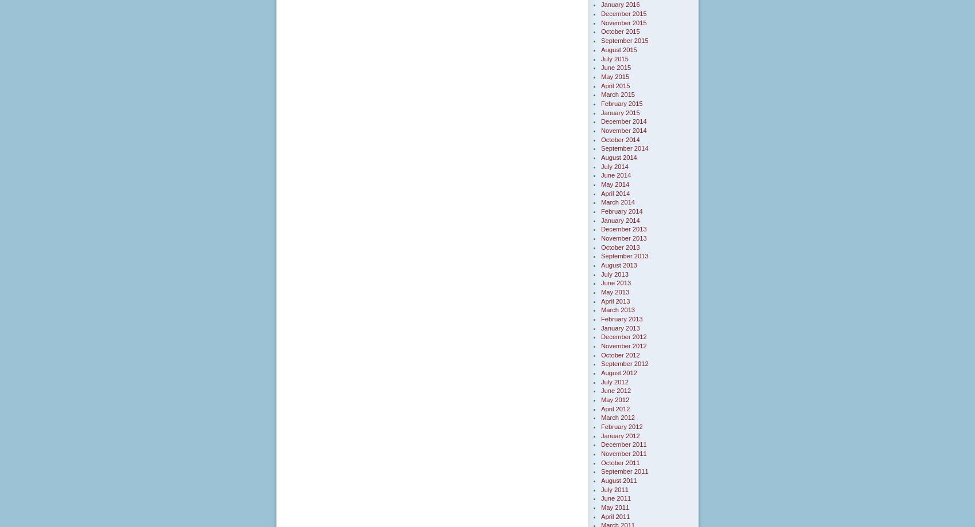 This screenshot has width=975, height=527. What do you see at coordinates (600, 58) in the screenshot?
I see `'July 2015'` at bounding box center [600, 58].